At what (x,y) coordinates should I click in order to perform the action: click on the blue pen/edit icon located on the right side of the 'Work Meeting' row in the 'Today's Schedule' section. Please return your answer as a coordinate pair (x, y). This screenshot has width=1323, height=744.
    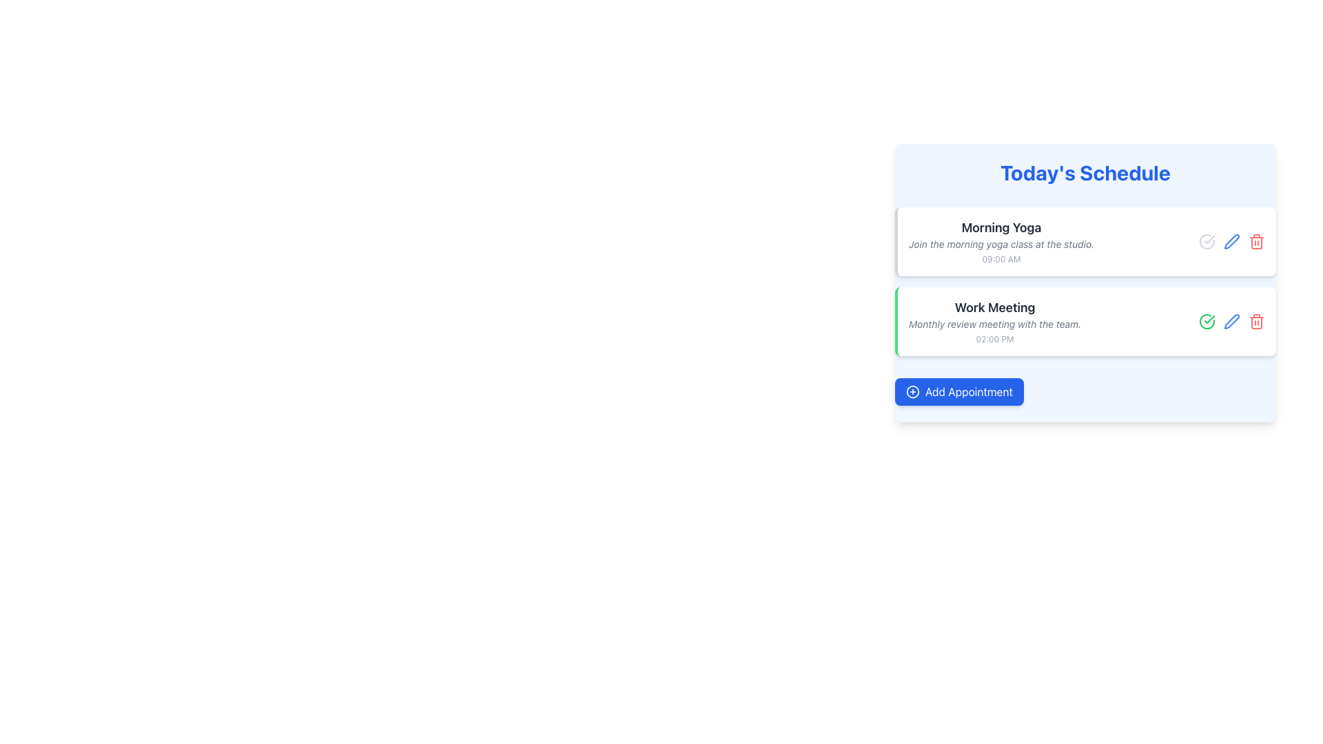
    Looking at the image, I should click on (1232, 240).